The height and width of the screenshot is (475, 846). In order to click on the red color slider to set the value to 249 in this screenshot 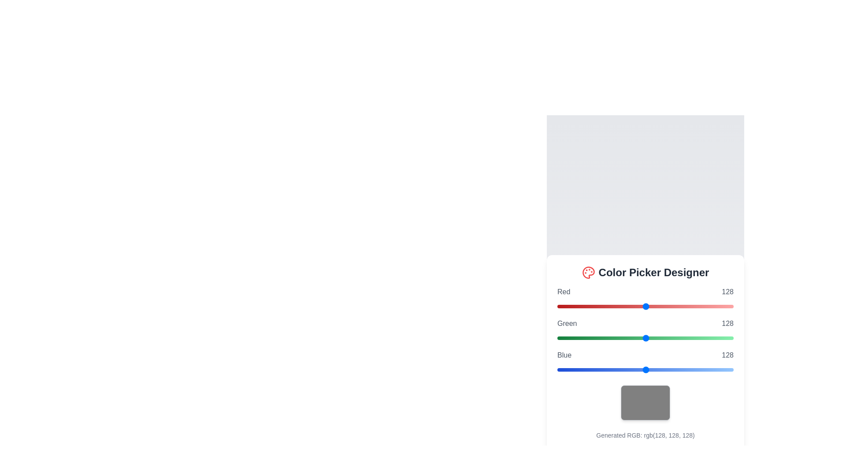, I will do `click(729, 306)`.